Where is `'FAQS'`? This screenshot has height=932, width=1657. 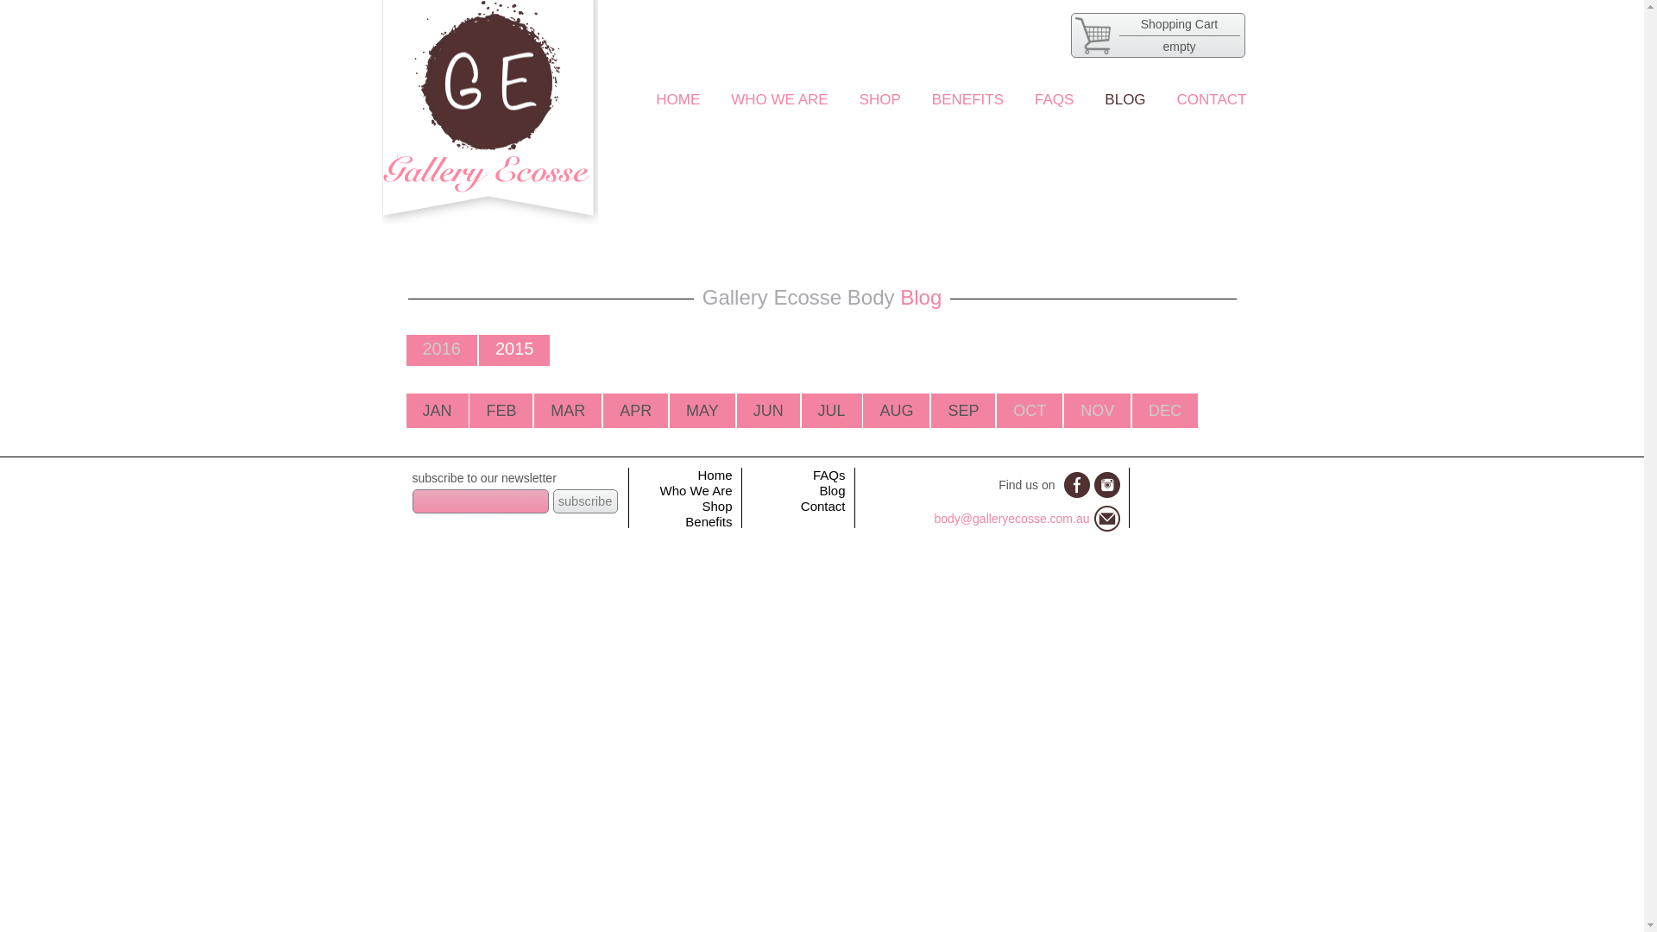
'FAQS' is located at coordinates (1053, 99).